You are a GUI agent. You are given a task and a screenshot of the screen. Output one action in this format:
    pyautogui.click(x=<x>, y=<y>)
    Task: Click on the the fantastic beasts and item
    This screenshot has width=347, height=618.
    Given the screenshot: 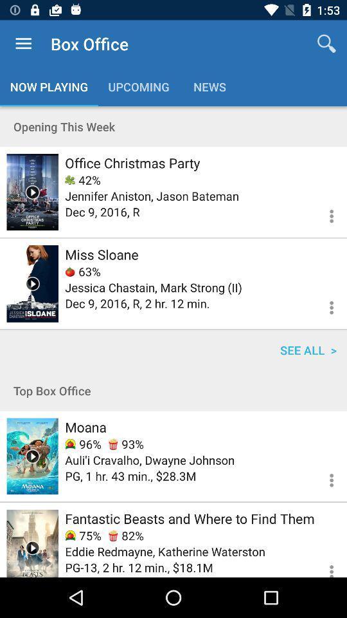 What is the action you would take?
    pyautogui.click(x=189, y=518)
    